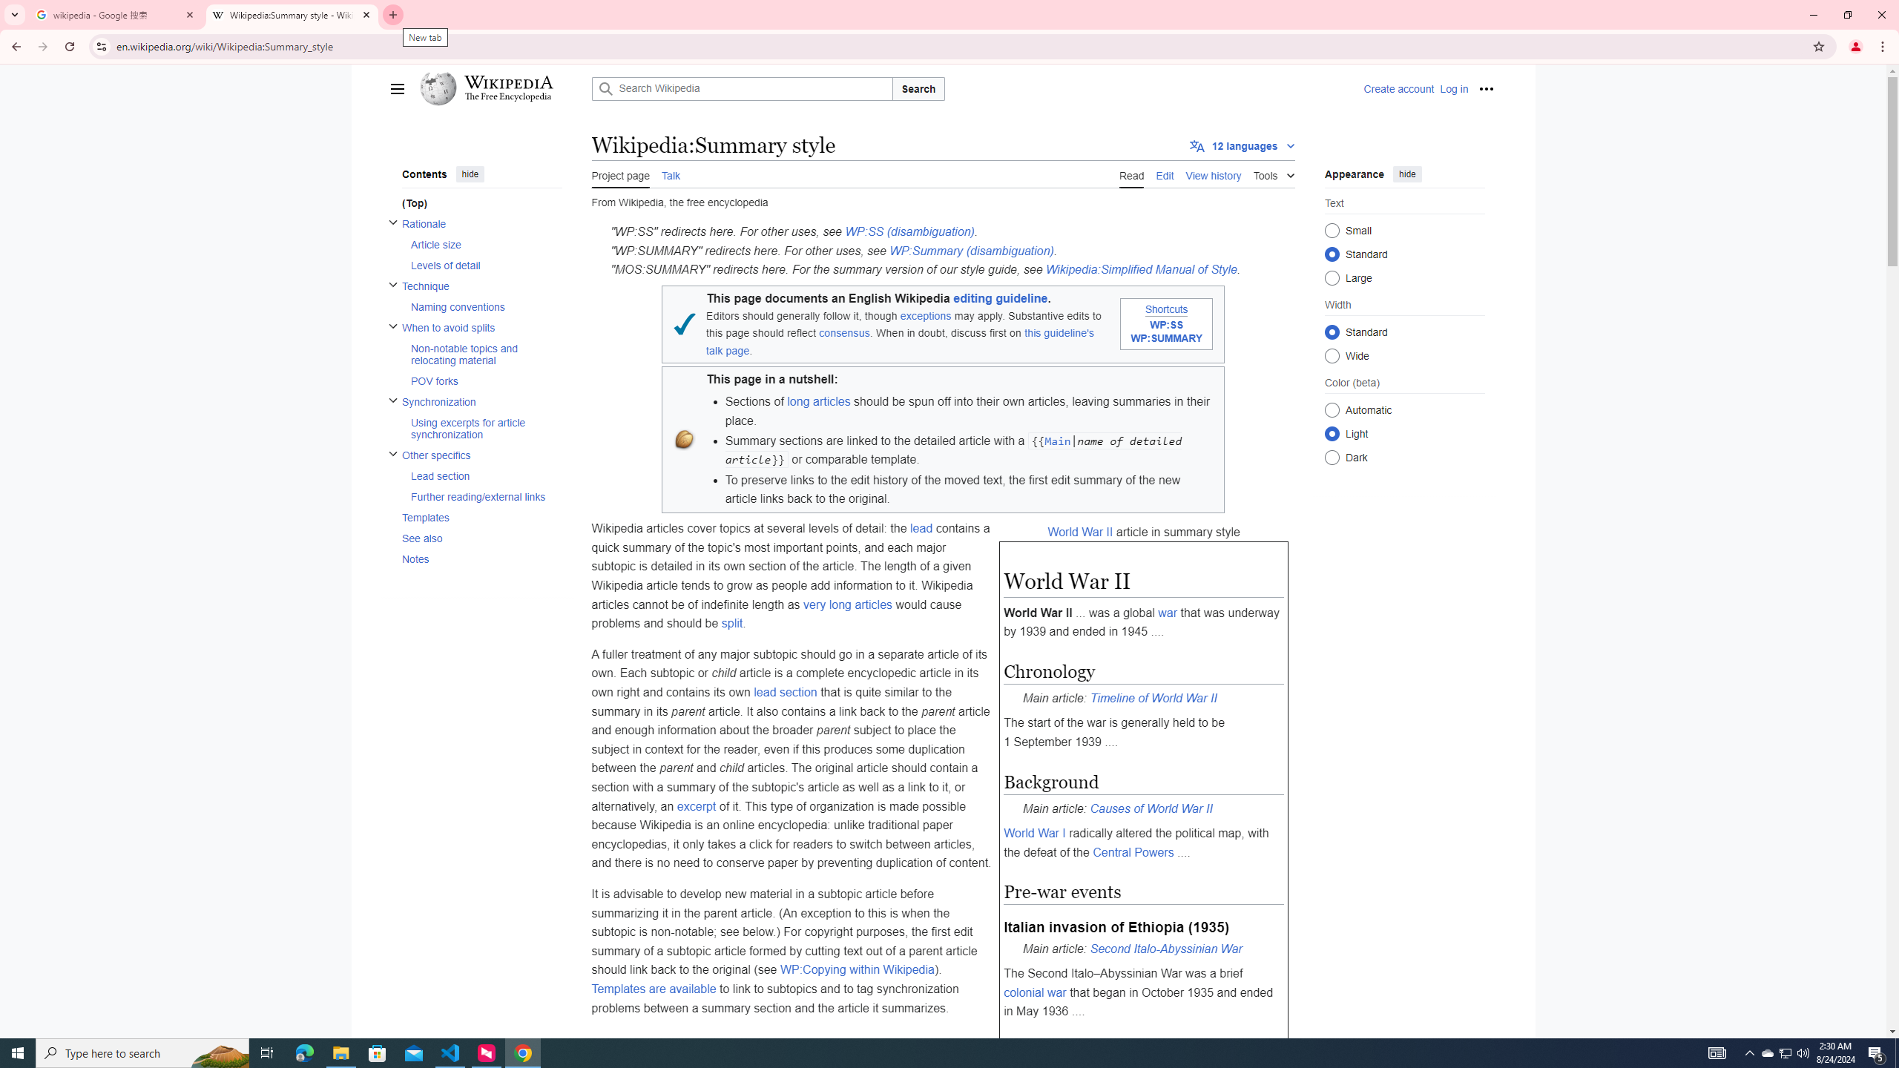 The height and width of the screenshot is (1068, 1899). What do you see at coordinates (653, 988) in the screenshot?
I see `'Templates are available'` at bounding box center [653, 988].